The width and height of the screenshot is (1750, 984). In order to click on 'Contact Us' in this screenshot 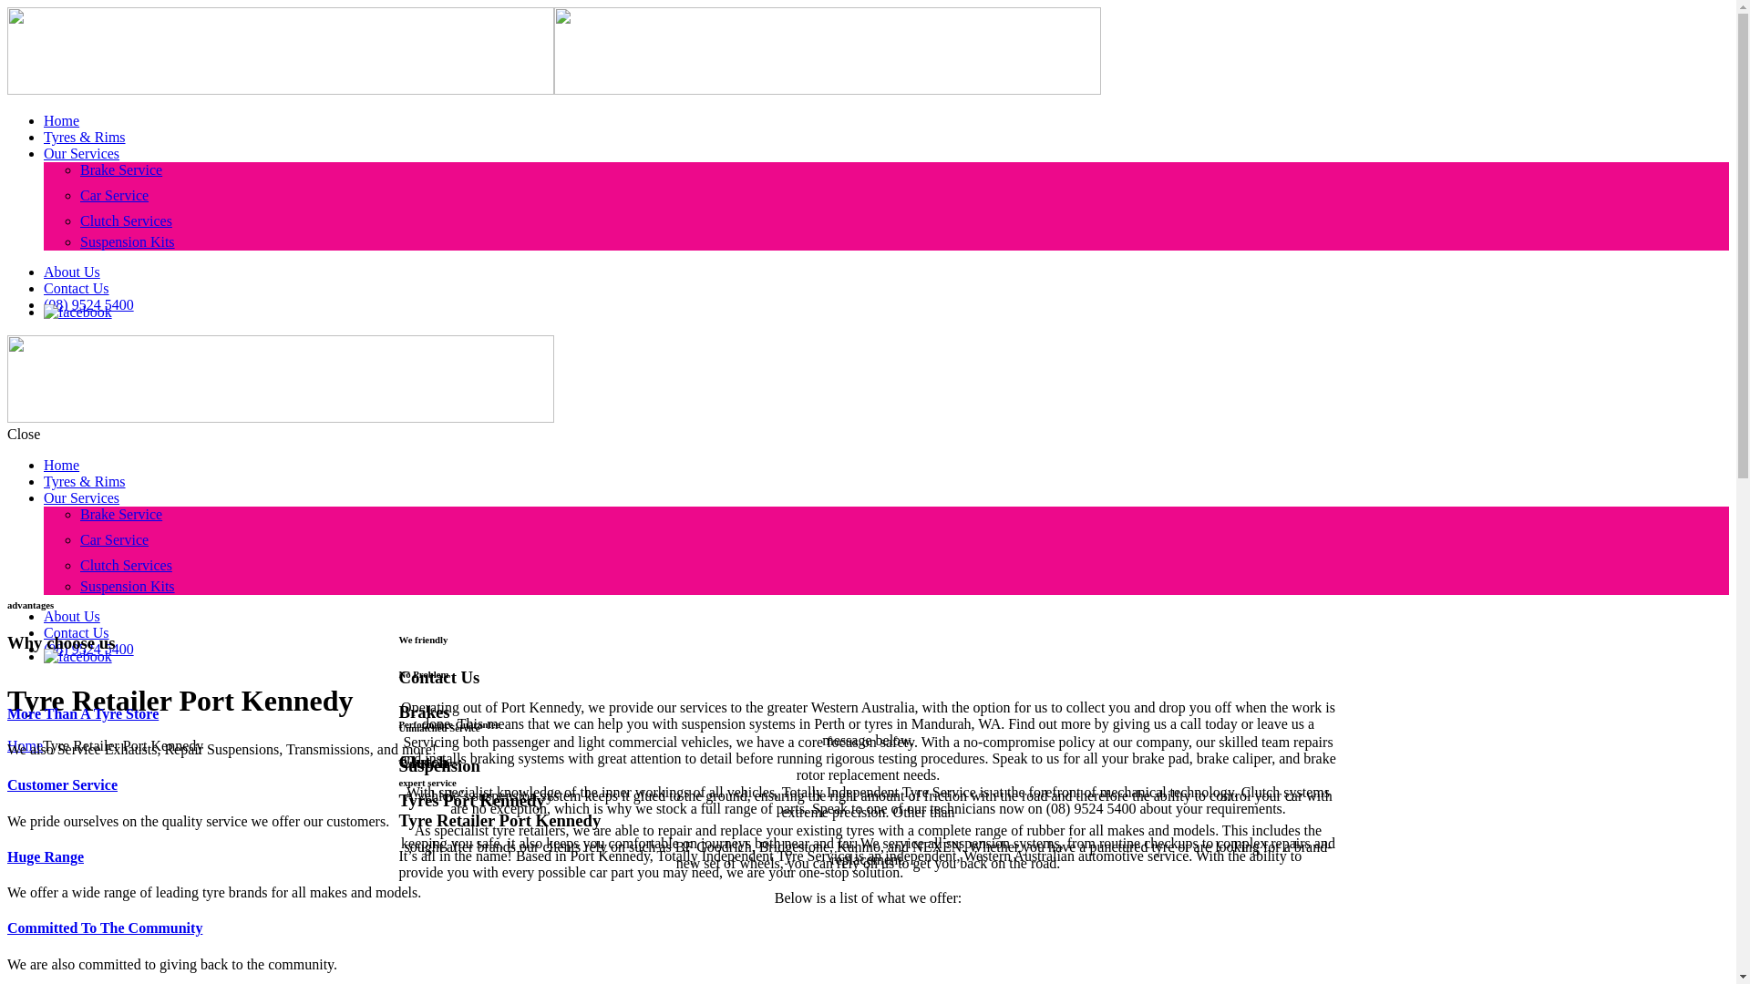, I will do `click(75, 287)`.